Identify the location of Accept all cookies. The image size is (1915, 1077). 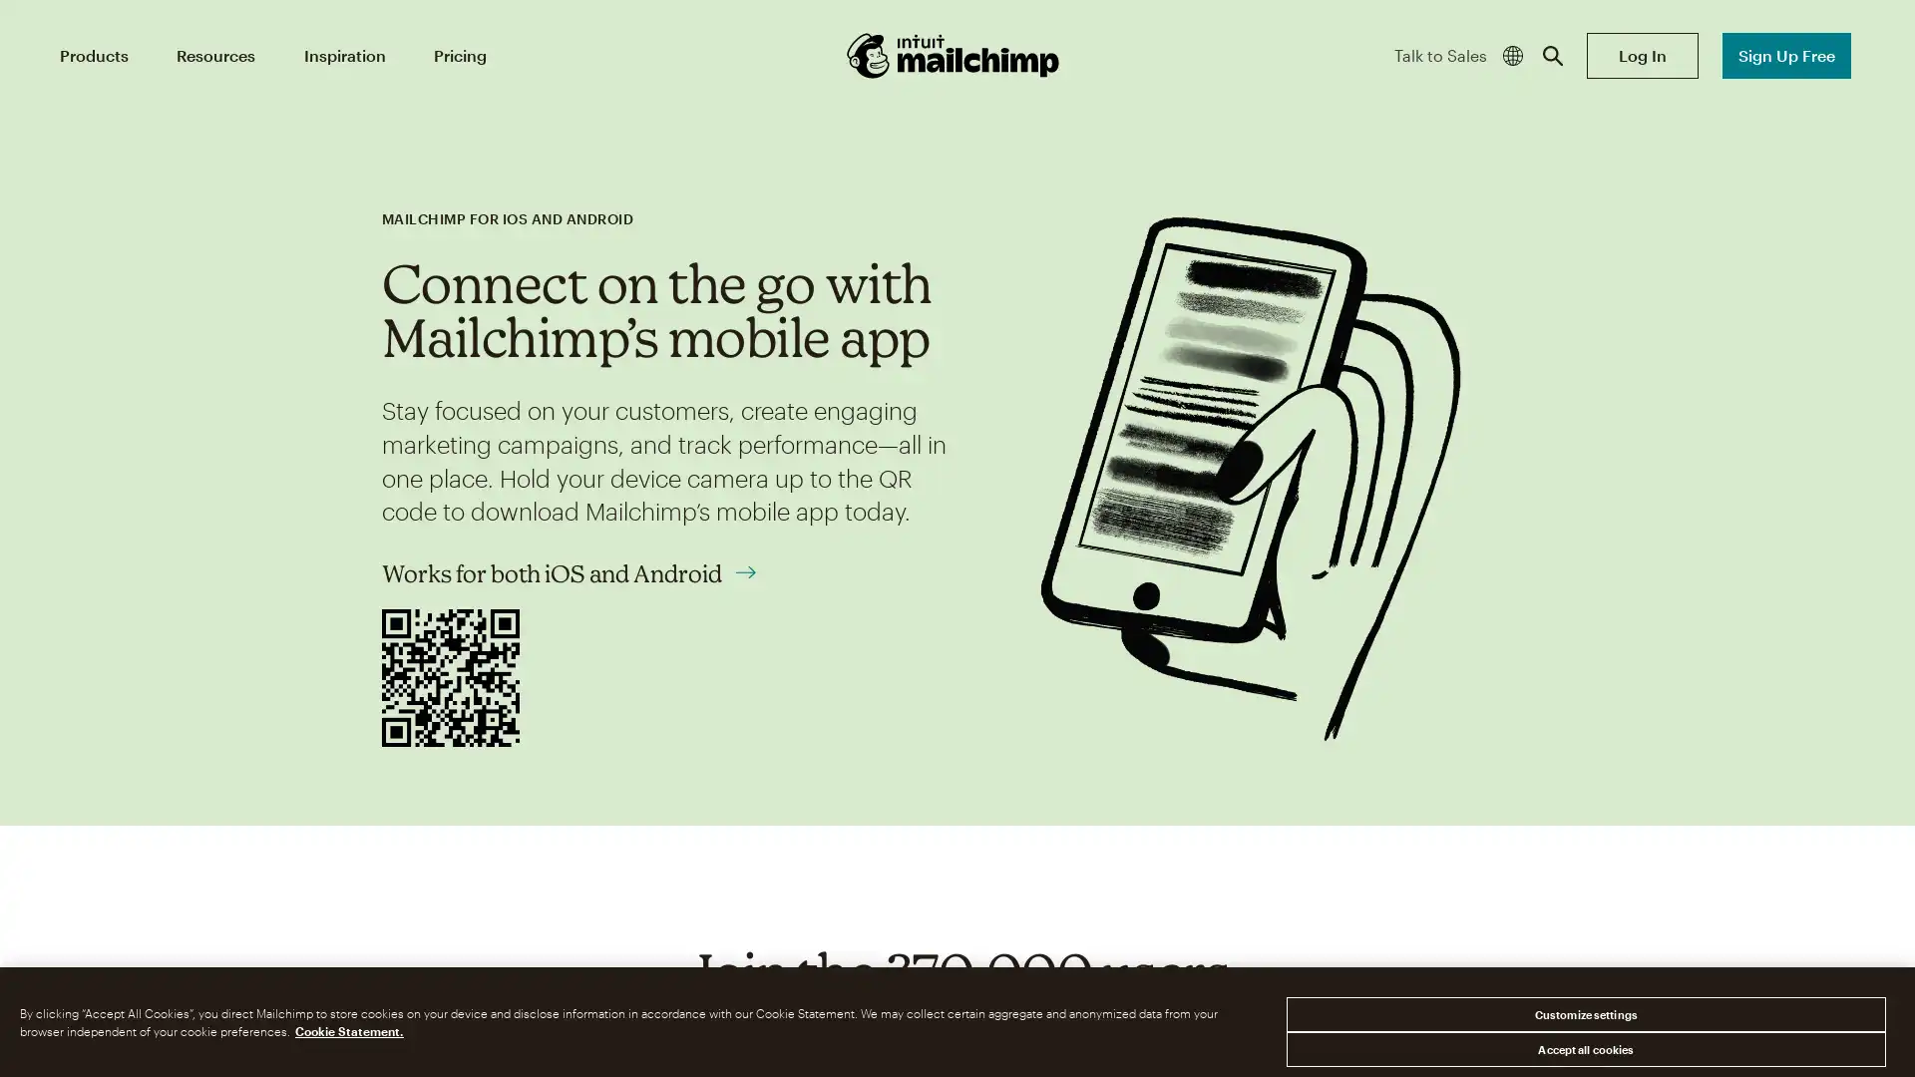
(1584, 1048).